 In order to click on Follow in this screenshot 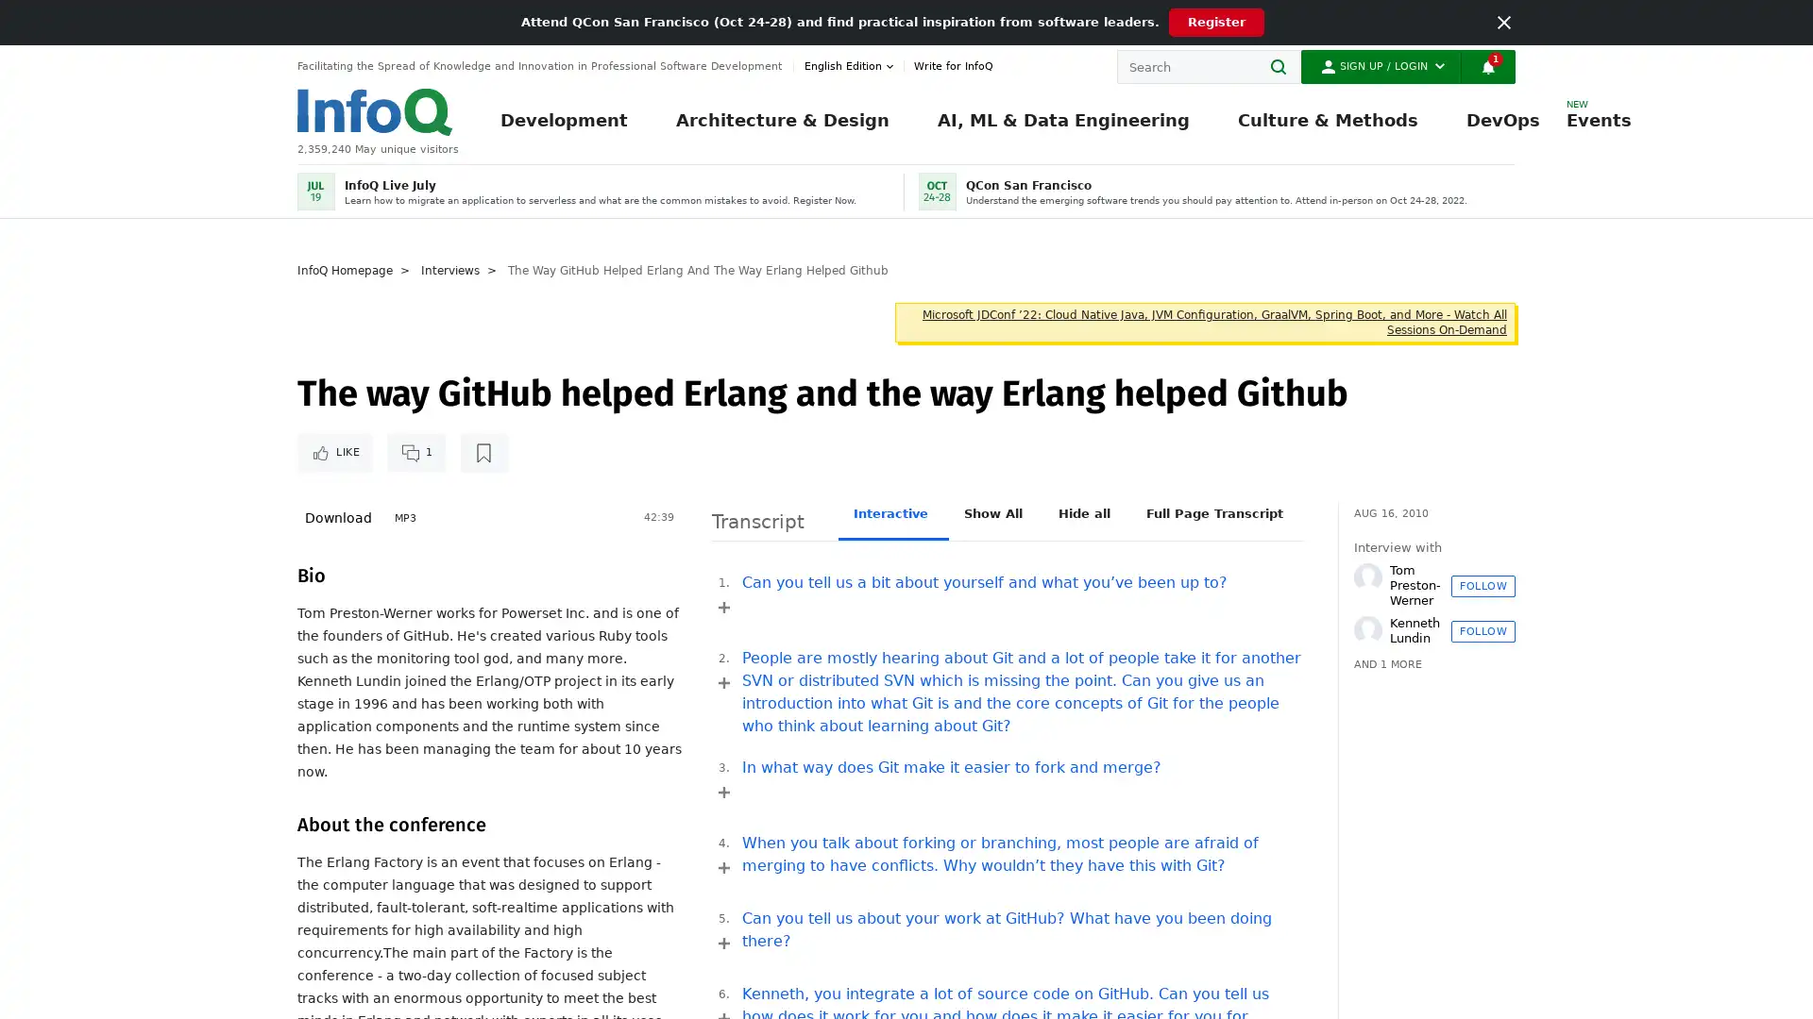, I will do `click(1482, 584)`.